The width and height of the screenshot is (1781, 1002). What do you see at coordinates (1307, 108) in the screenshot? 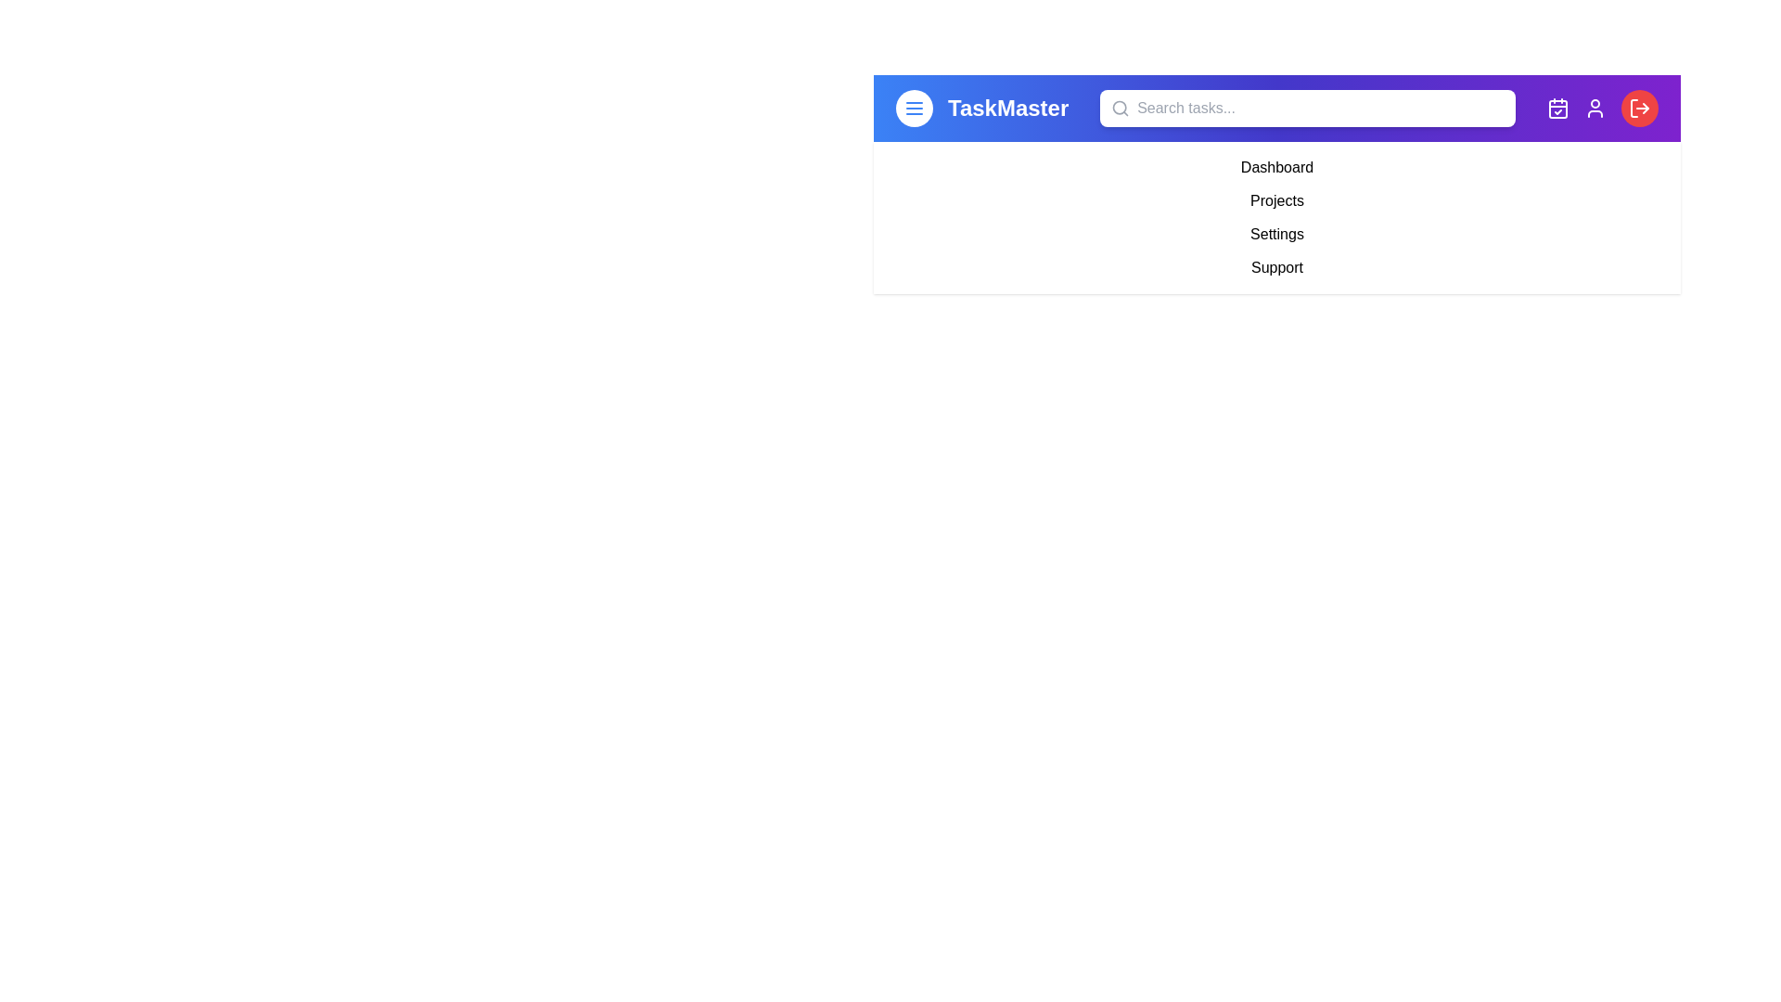
I see `the search bar and type the query 'meeting notes'` at bounding box center [1307, 108].